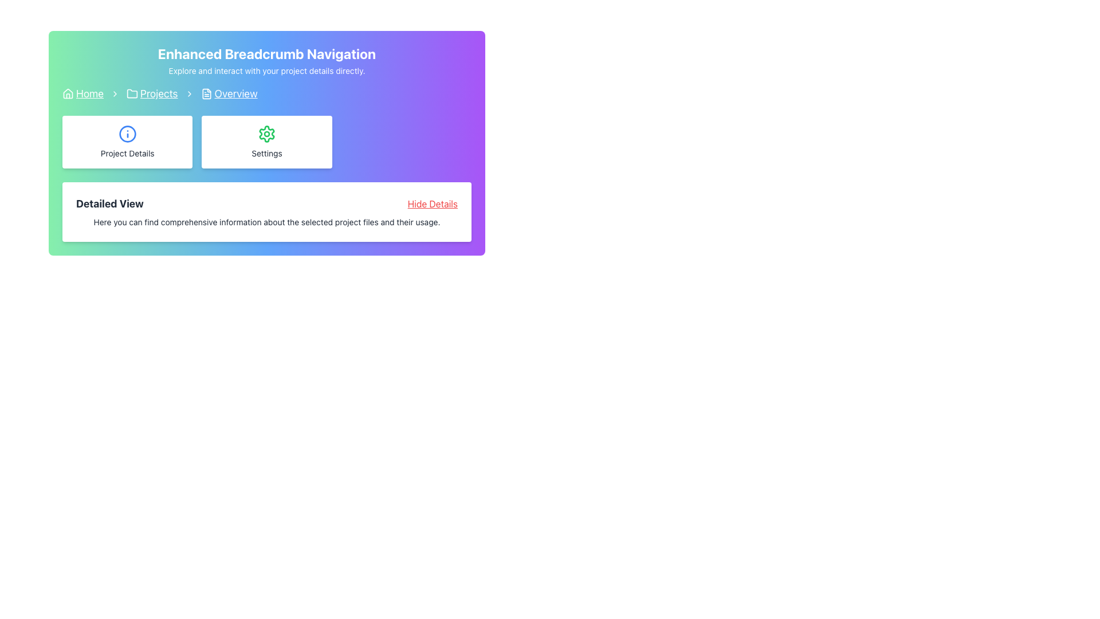  Describe the element at coordinates (132, 92) in the screenshot. I see `'Projects' icon in the breadcrumb navigation, which is positioned between the 'Home' and 'Projects' labels` at that location.